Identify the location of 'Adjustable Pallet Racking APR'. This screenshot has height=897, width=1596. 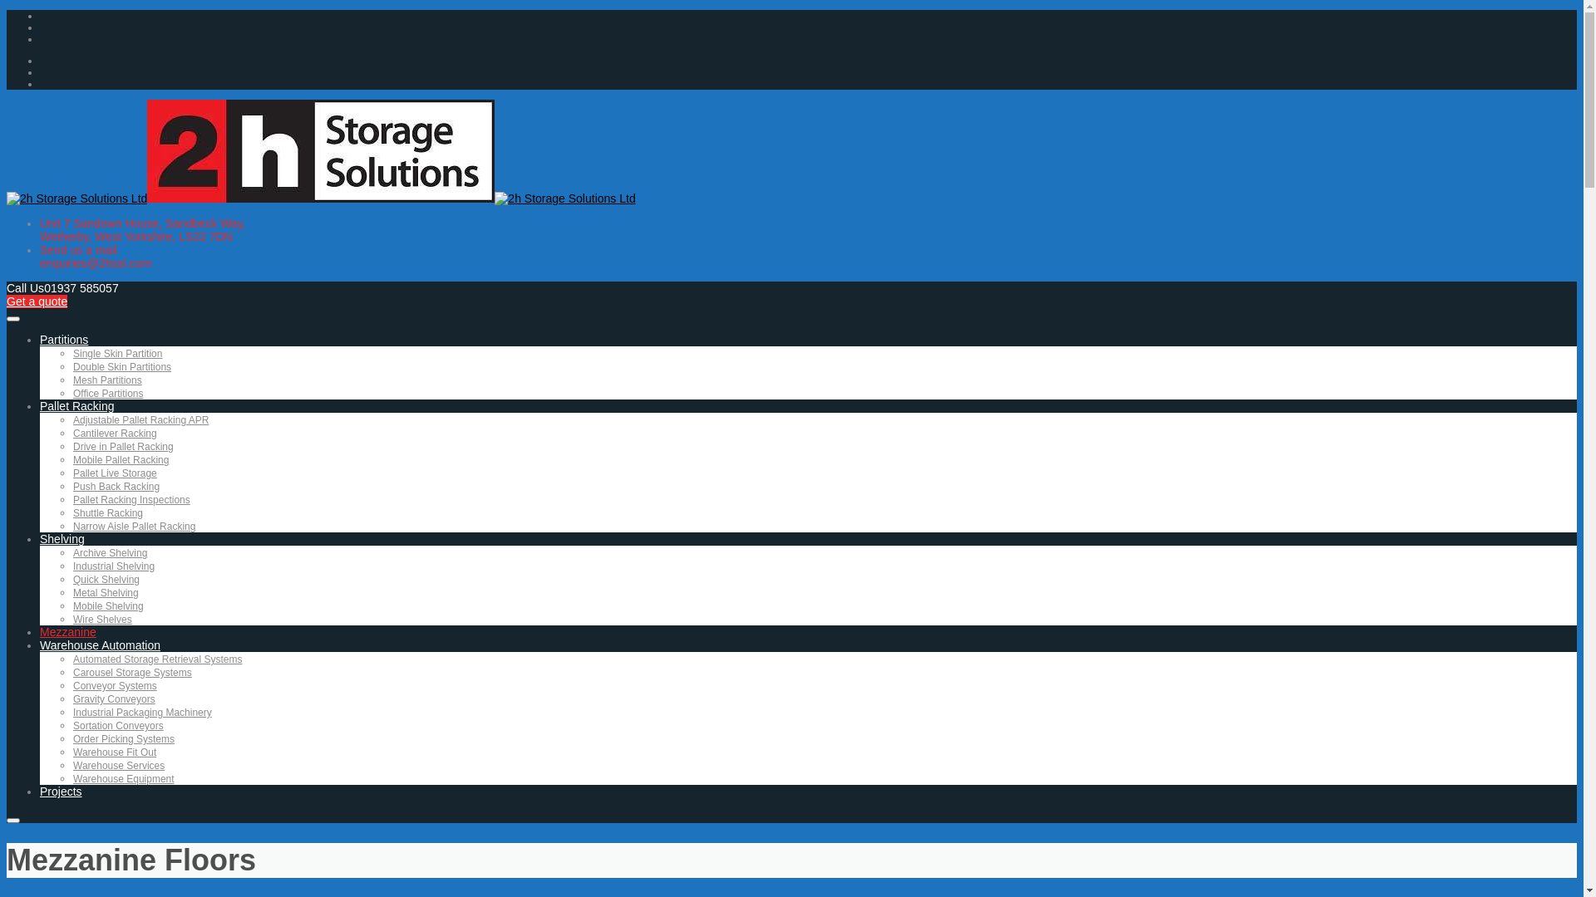
(71, 419).